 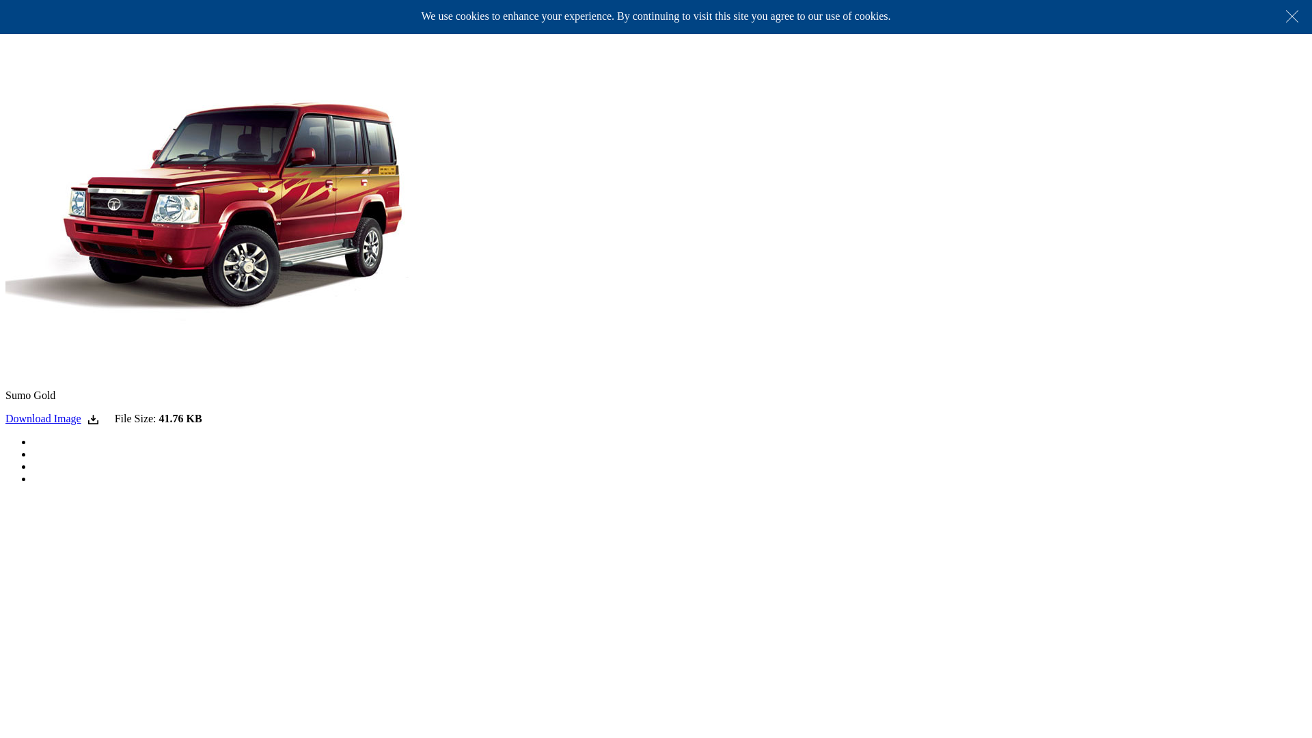 I want to click on 'Download Image', so click(x=52, y=418).